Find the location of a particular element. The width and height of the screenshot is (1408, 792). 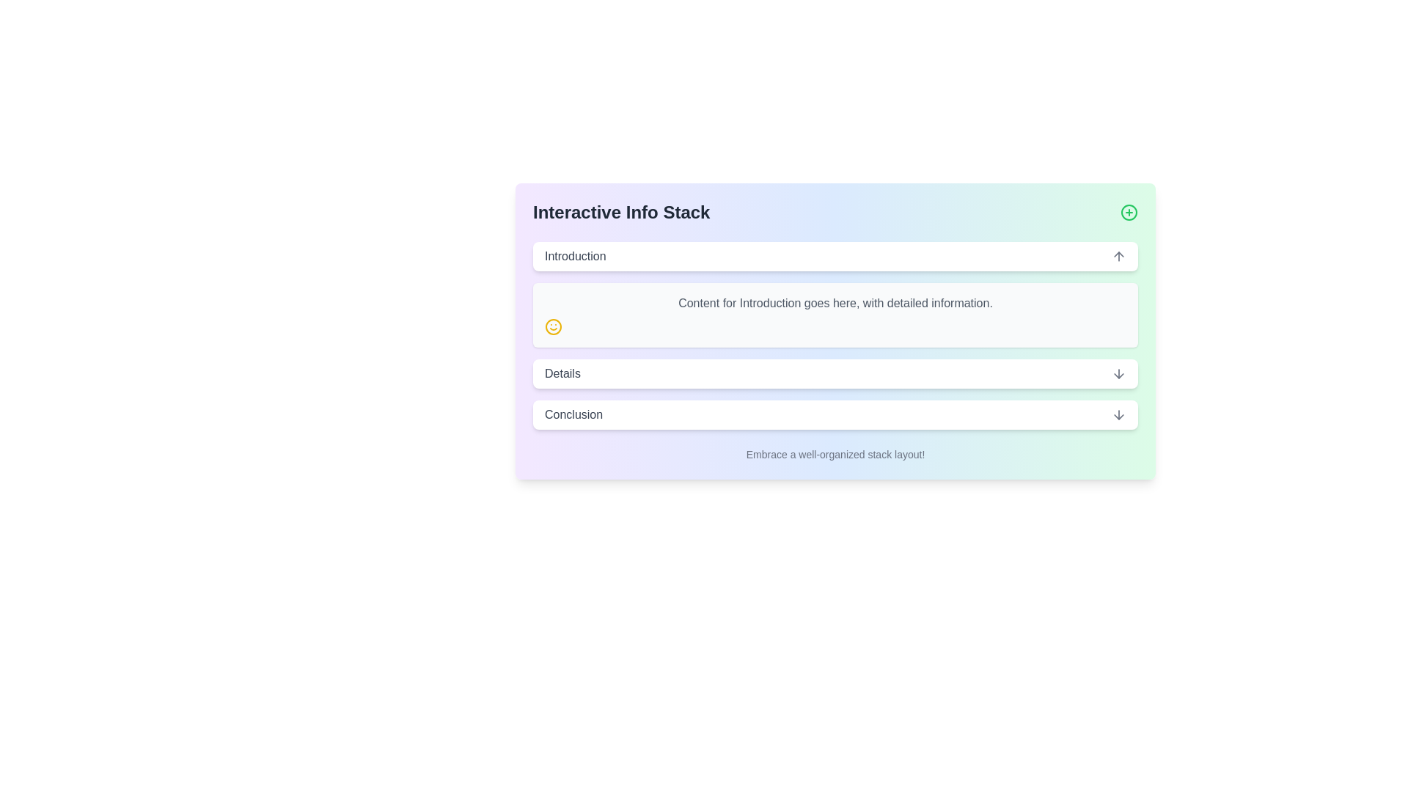

the upward-pointing arrow icon located to the right of the 'Introduction' text is located at coordinates (1118, 256).